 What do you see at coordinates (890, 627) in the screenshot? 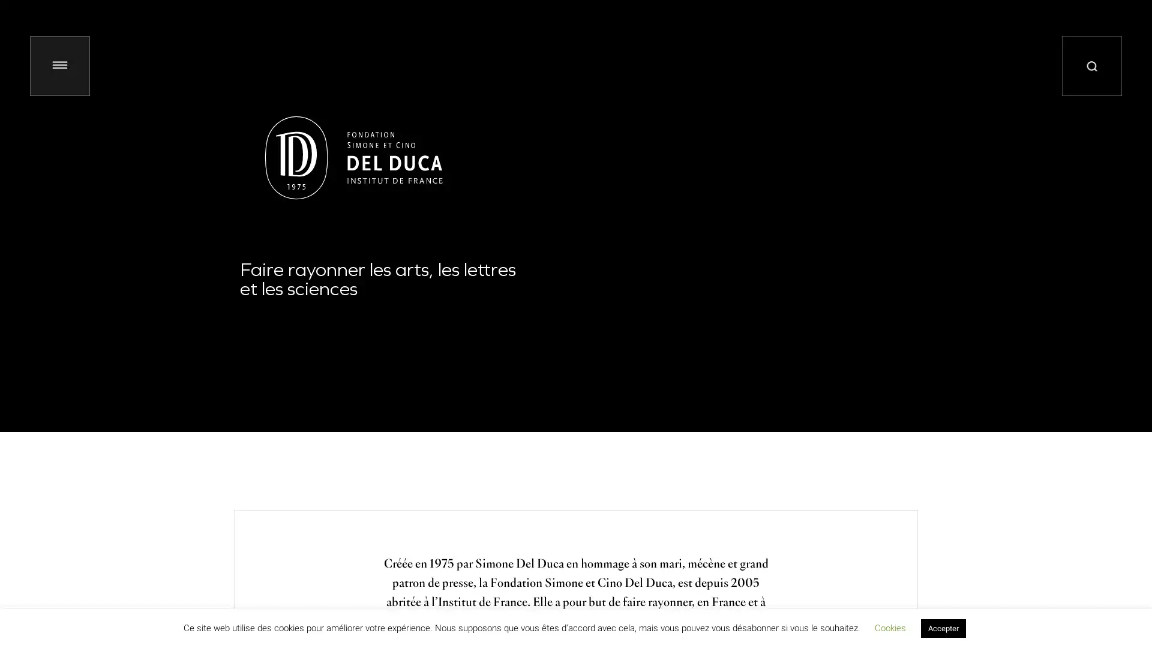
I see `Cookies` at bounding box center [890, 627].